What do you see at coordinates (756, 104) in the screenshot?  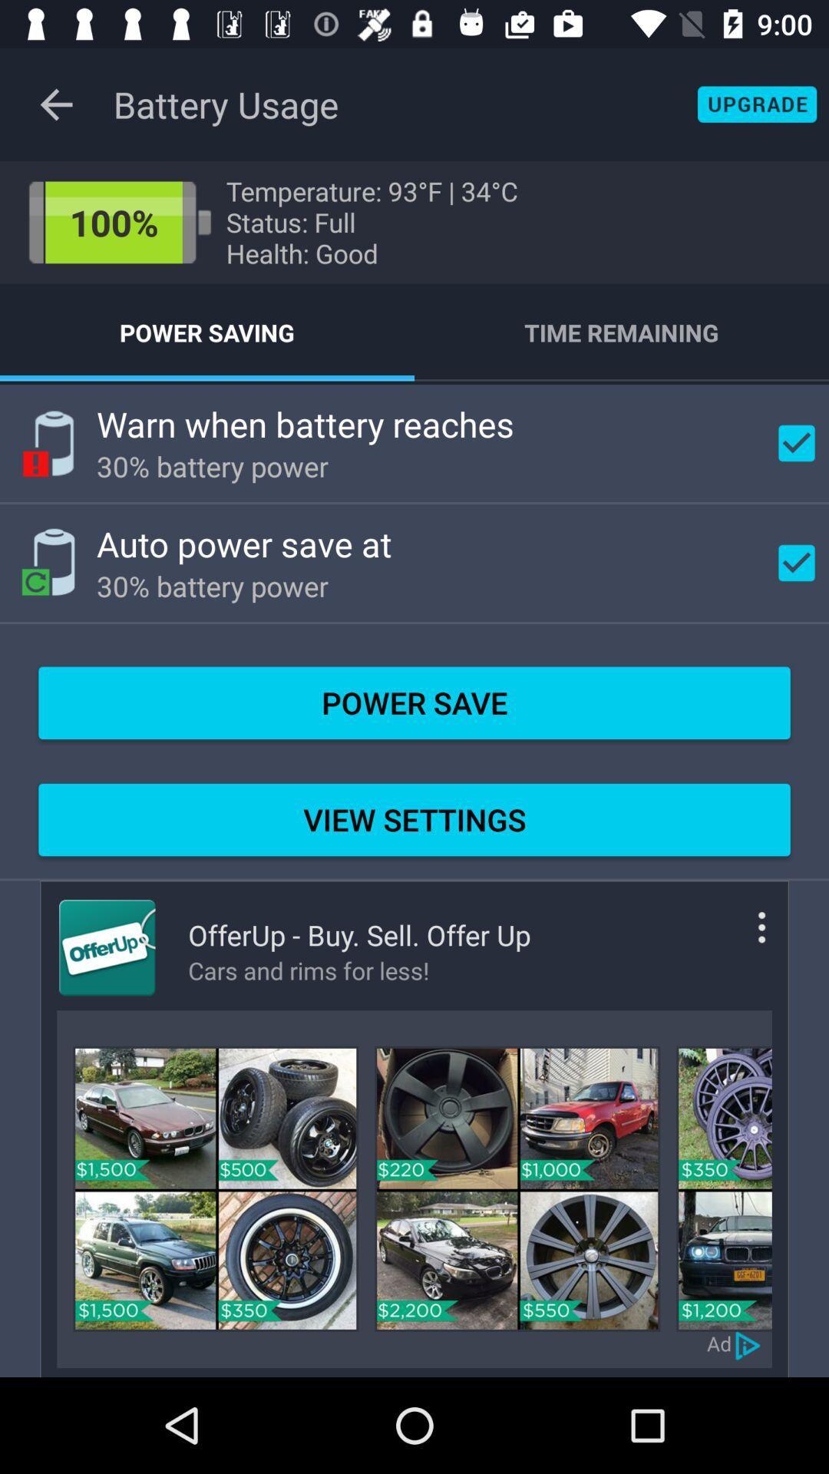 I see `shows upgrade button` at bounding box center [756, 104].